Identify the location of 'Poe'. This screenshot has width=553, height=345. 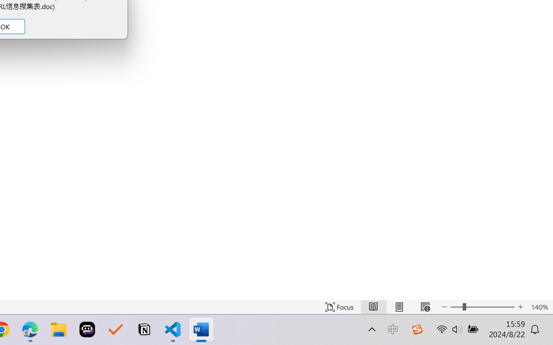
(87, 329).